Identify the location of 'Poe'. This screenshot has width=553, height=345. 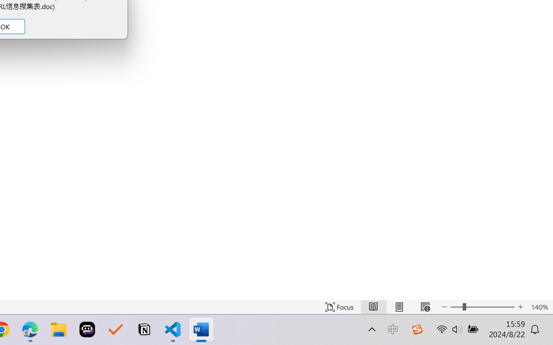
(87, 329).